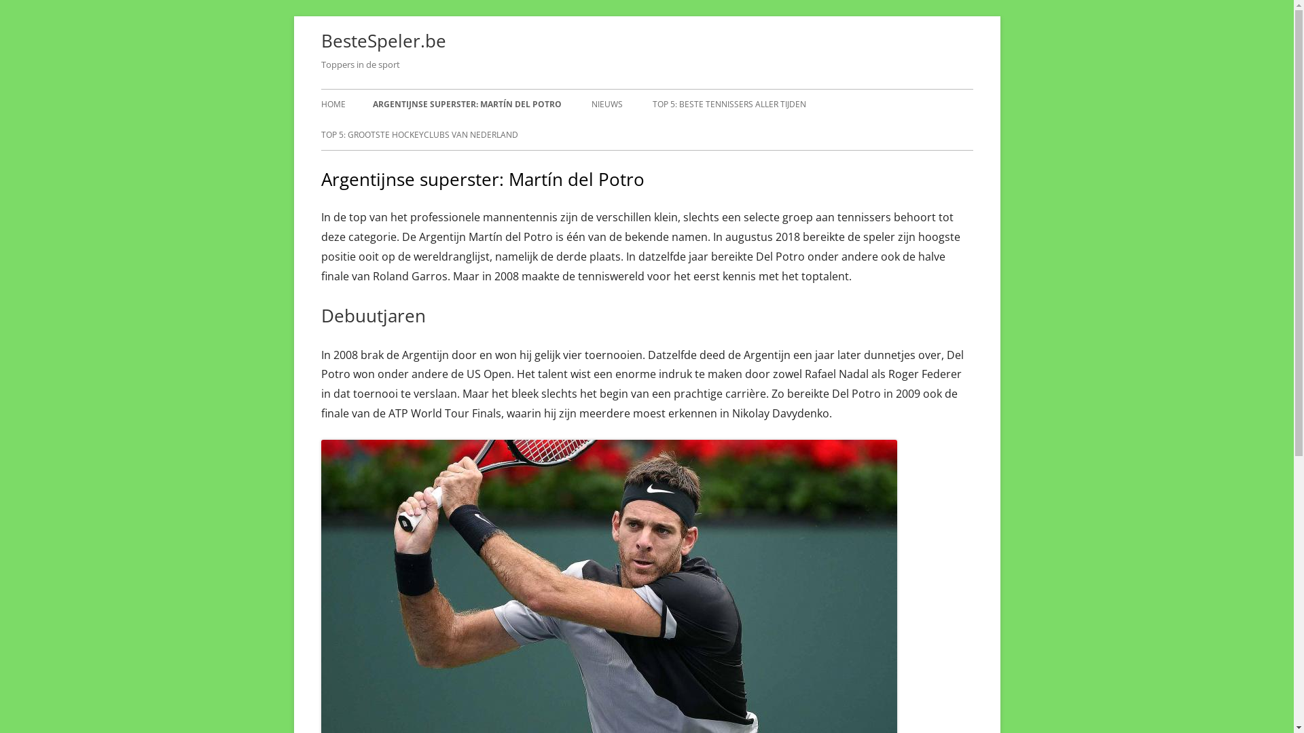 This screenshot has width=1304, height=733. What do you see at coordinates (332, 104) in the screenshot?
I see `'HOME'` at bounding box center [332, 104].